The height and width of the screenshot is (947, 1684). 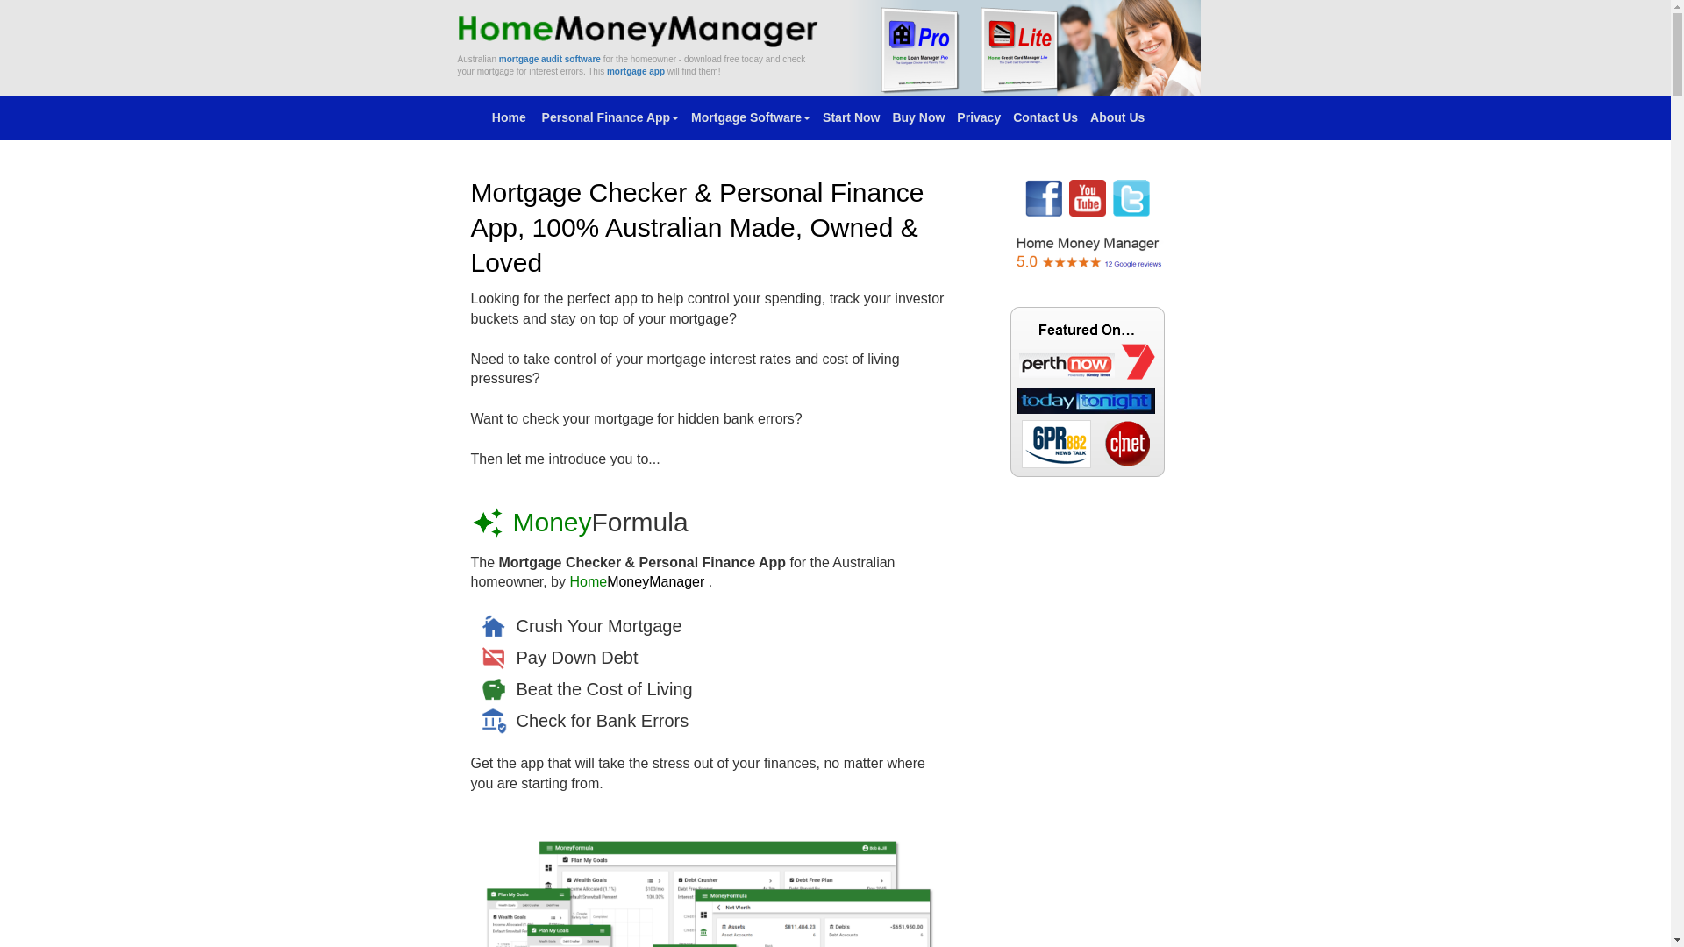 I want to click on 'Personal Finance App', so click(x=534, y=117).